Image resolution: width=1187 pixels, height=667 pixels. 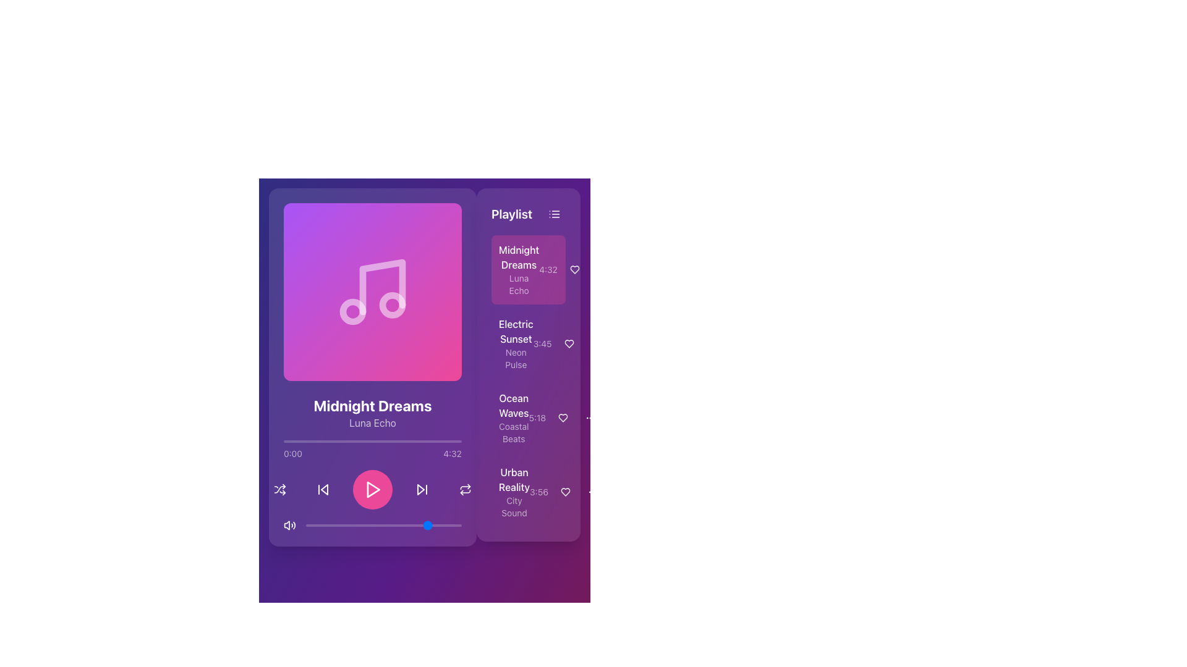 What do you see at coordinates (301, 440) in the screenshot?
I see `playback position` at bounding box center [301, 440].